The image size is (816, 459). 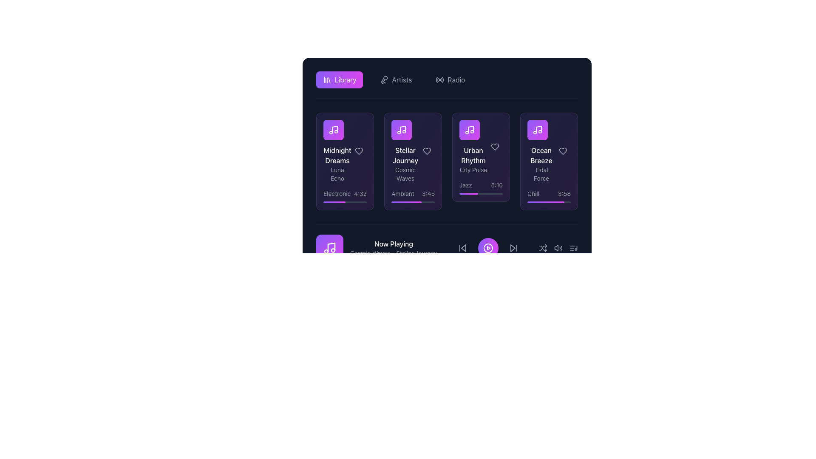 I want to click on the 'Artists' navigation icon located in the top navigation bar, which is positioned second from the left, so click(x=383, y=80).